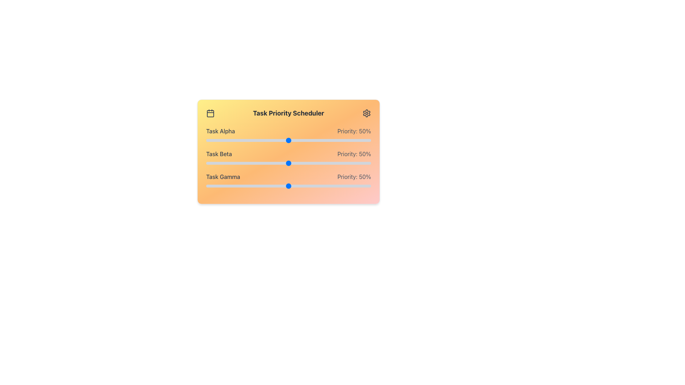 The height and width of the screenshot is (385, 685). What do you see at coordinates (310, 176) in the screenshot?
I see `the priority value of Task Gamma` at bounding box center [310, 176].